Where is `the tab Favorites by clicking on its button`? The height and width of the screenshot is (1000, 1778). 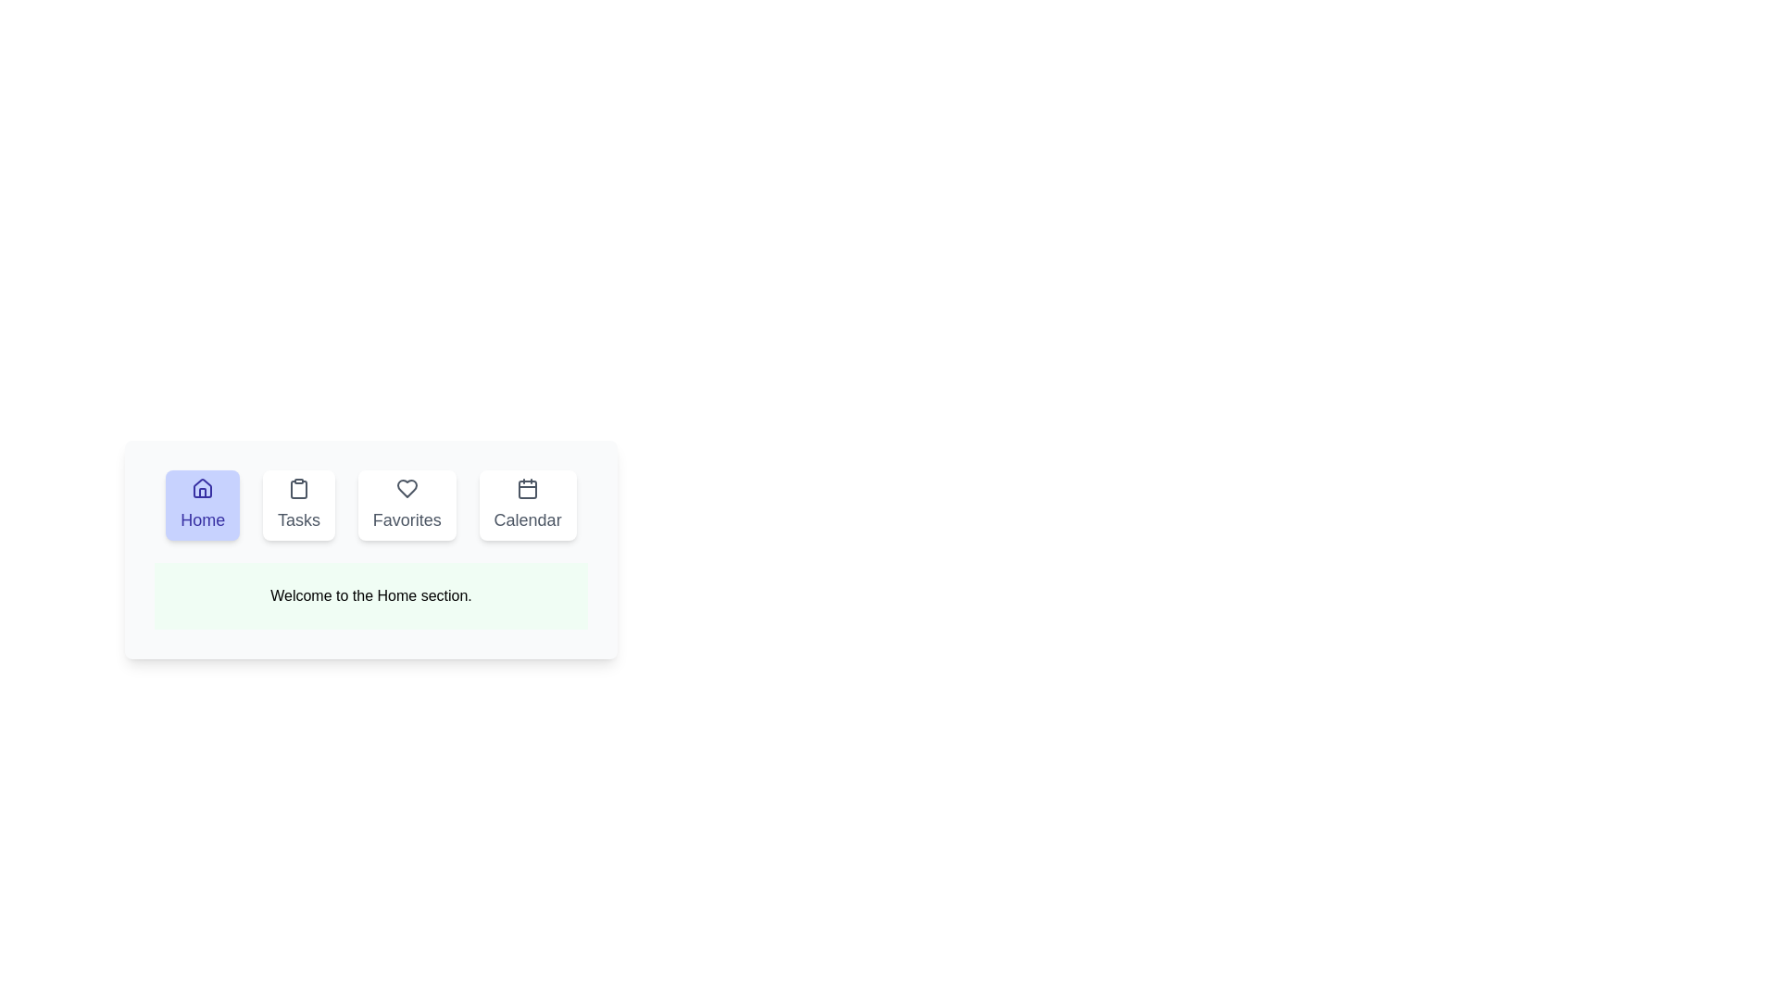 the tab Favorites by clicking on its button is located at coordinates (406, 506).